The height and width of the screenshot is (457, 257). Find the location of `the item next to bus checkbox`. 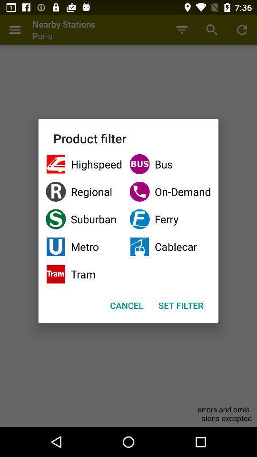

the item next to bus checkbox is located at coordinates (84, 164).